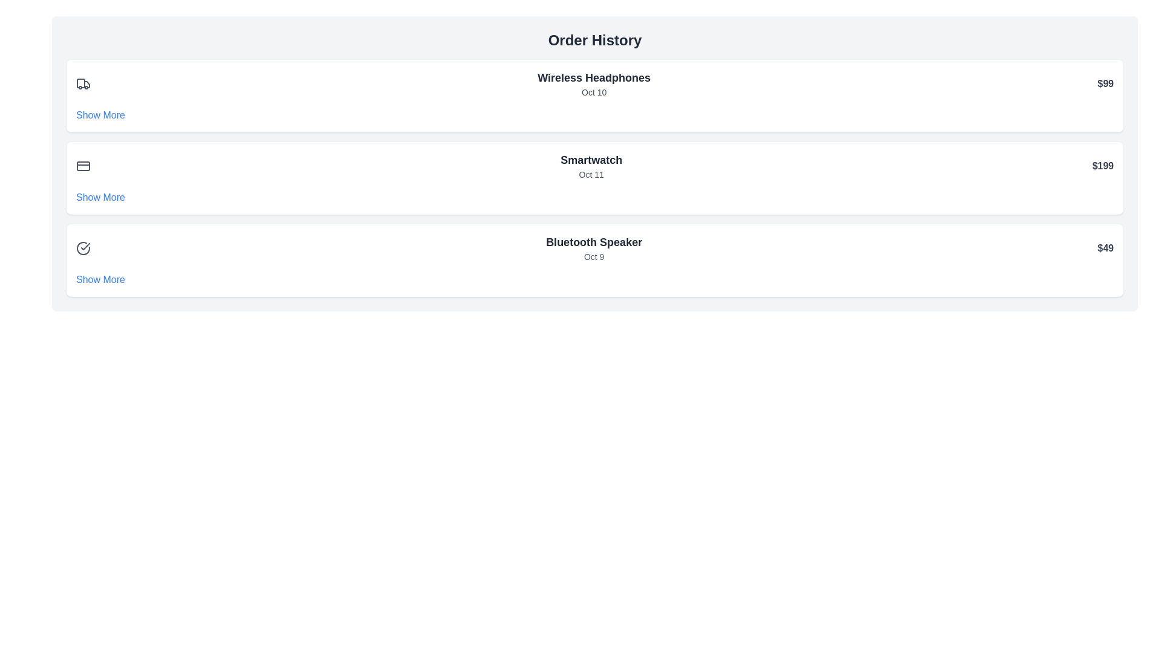 The width and height of the screenshot is (1161, 653). Describe the element at coordinates (100, 197) in the screenshot. I see `the hyperlink located at the bottom-right of the 'Smartwatch' product details card to change its color` at that location.